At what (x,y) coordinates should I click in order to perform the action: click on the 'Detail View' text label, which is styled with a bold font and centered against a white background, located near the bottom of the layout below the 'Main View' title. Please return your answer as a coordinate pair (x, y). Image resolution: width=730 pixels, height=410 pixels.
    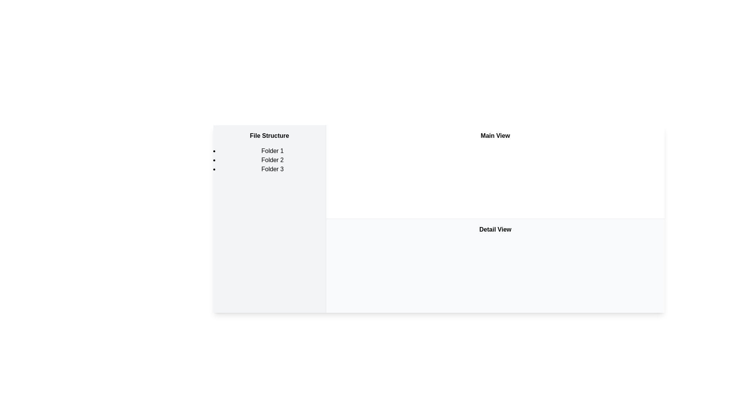
    Looking at the image, I should click on (495, 229).